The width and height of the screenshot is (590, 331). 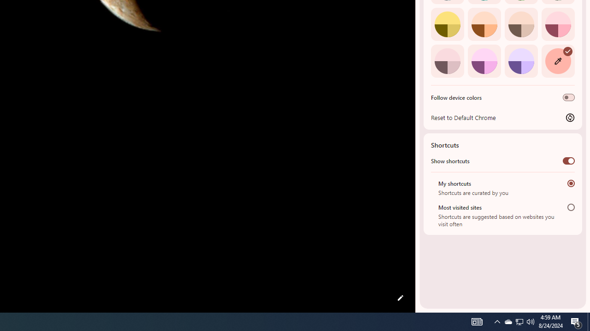 I want to click on 'Customize this page', so click(x=400, y=298).